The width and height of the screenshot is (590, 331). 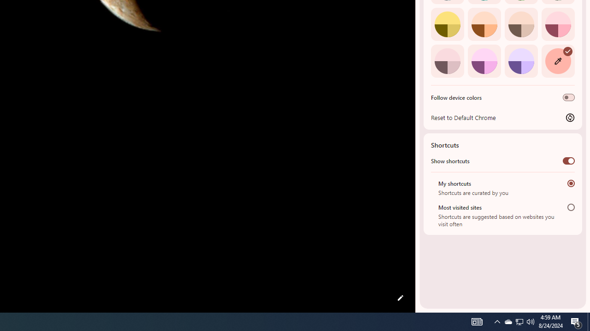 I want to click on 'Customize this page', so click(x=400, y=298).